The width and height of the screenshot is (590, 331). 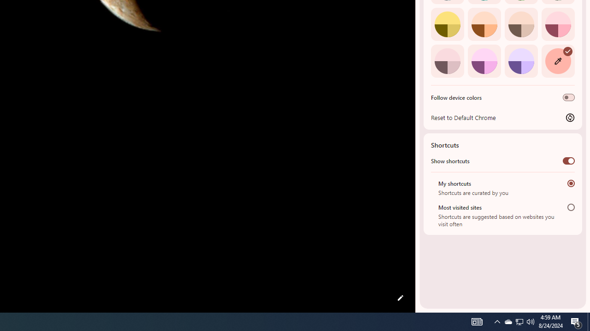 I want to click on 'Customize this page', so click(x=400, y=298).